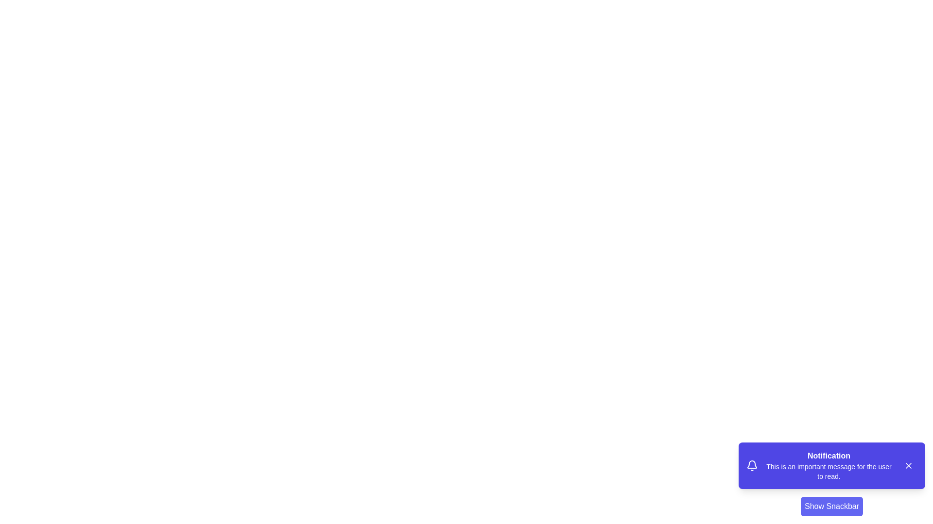 This screenshot has height=524, width=933. Describe the element at coordinates (831, 478) in the screenshot. I see `the notification component styled in vivid purple located at the bottom-right corner, which contains a title 'Notification', a message 'This is an important message for the user to read.', and a button labeled 'Show Snackbar'` at that location.